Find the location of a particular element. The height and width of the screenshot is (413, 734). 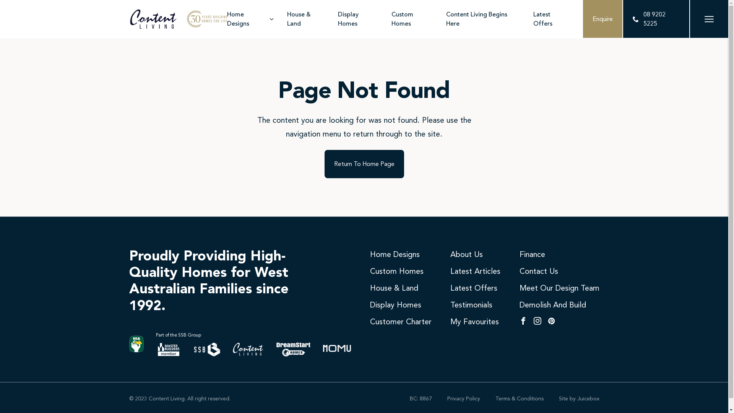

'Customer Charter' is located at coordinates (400, 321).